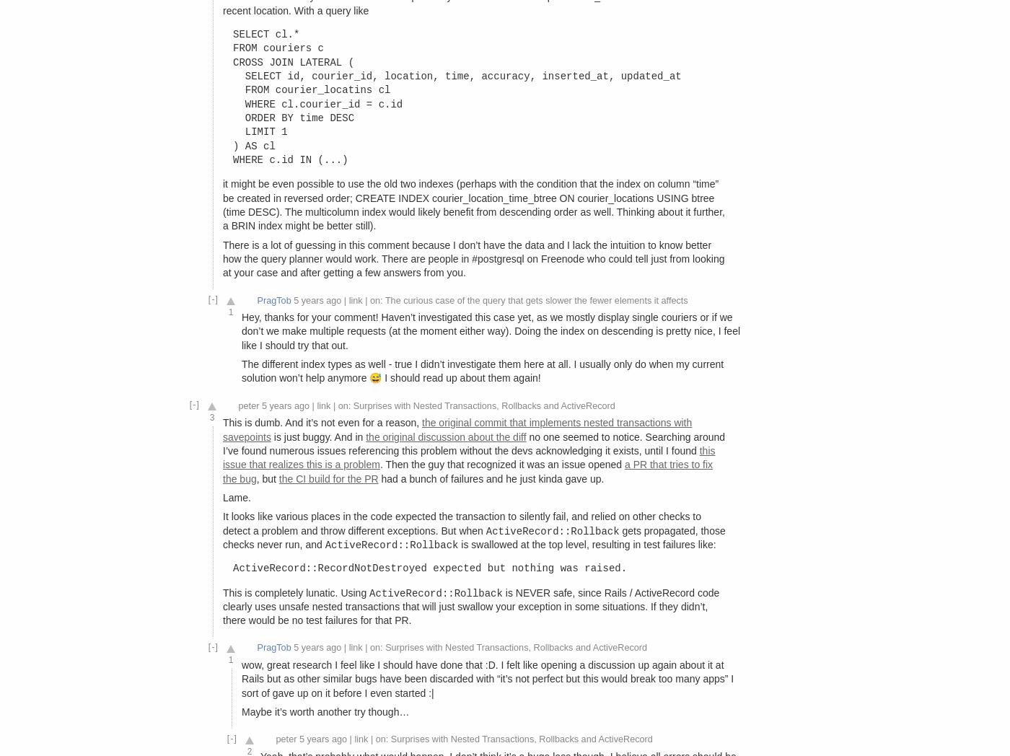  Describe the element at coordinates (491, 478) in the screenshot. I see `'had a bunch of failures and he just kinda gave up.'` at that location.